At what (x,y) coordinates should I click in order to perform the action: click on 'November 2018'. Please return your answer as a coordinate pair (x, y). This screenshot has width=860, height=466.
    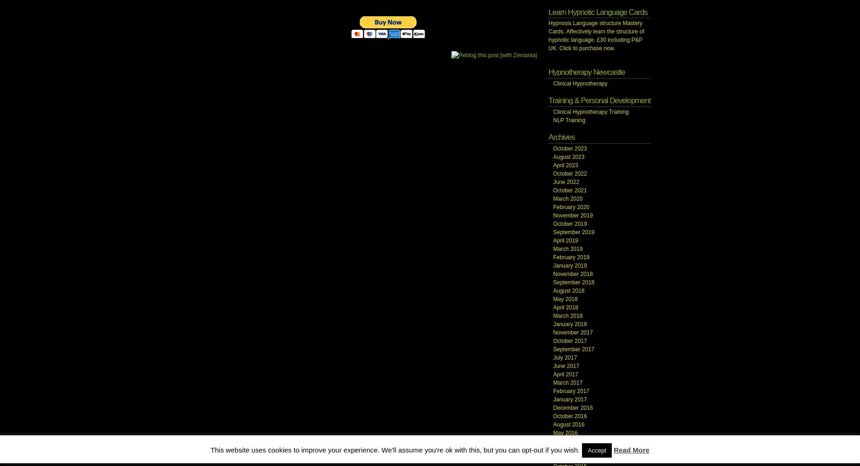
    Looking at the image, I should click on (572, 273).